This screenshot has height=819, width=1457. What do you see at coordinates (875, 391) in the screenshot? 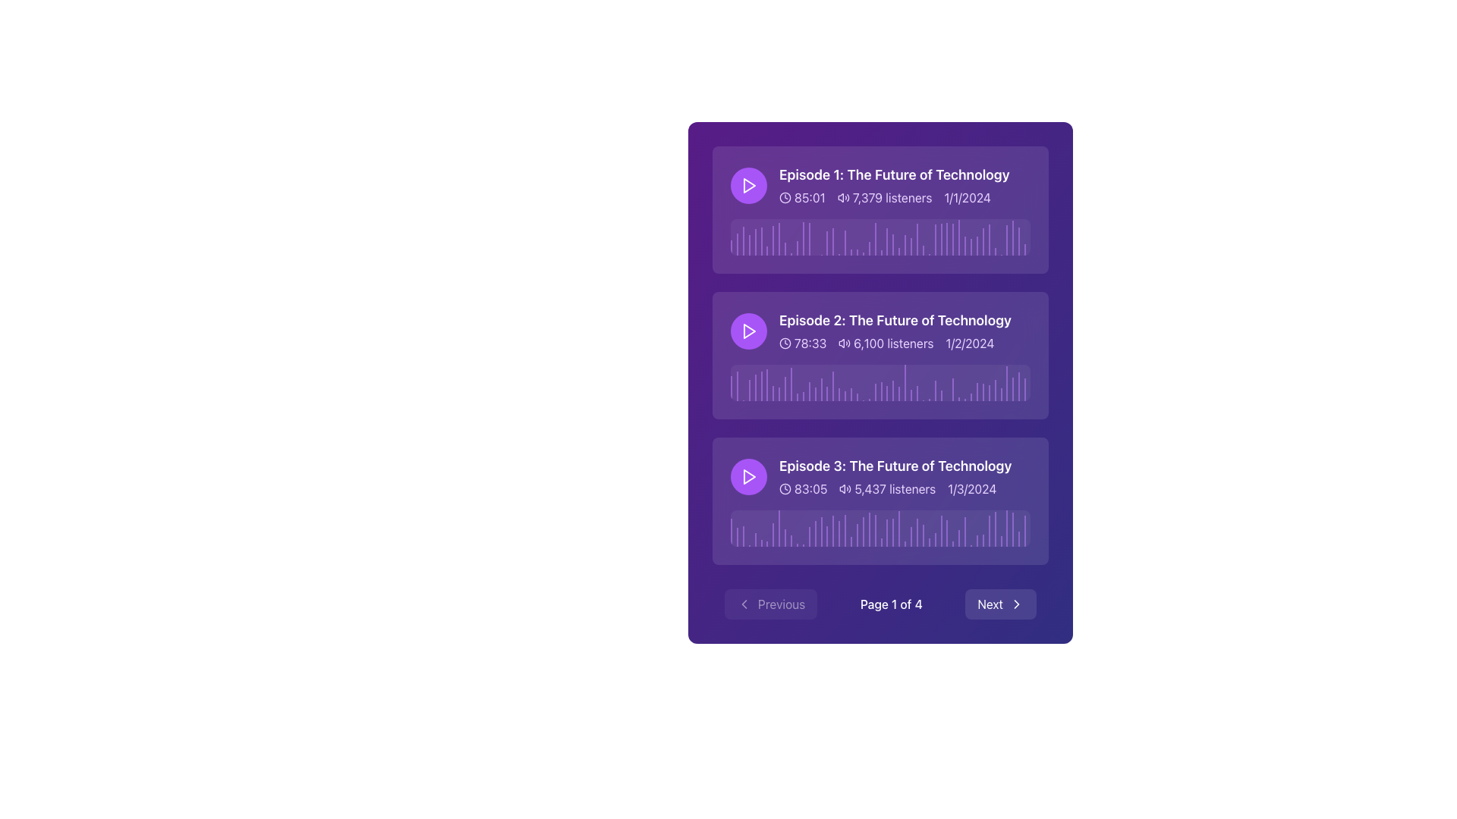
I see `the purple translucent timeline marker within the waveform visualization of 'Episode 2: The Future of Technology'` at bounding box center [875, 391].